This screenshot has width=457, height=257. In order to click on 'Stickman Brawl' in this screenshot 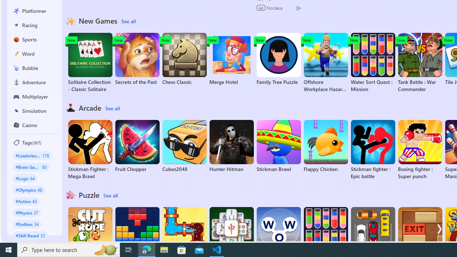, I will do `click(278, 146)`.